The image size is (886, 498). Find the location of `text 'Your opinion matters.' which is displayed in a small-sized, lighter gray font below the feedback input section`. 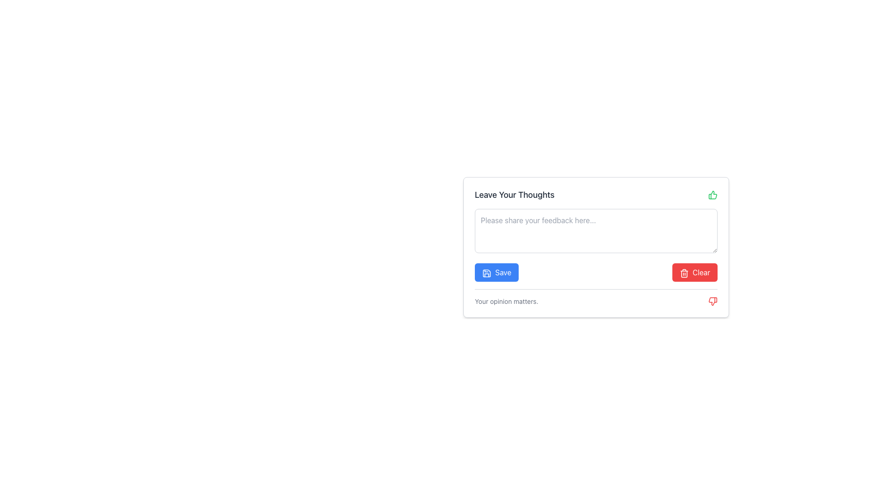

text 'Your opinion matters.' which is displayed in a small-sized, lighter gray font below the feedback input section is located at coordinates (506, 302).